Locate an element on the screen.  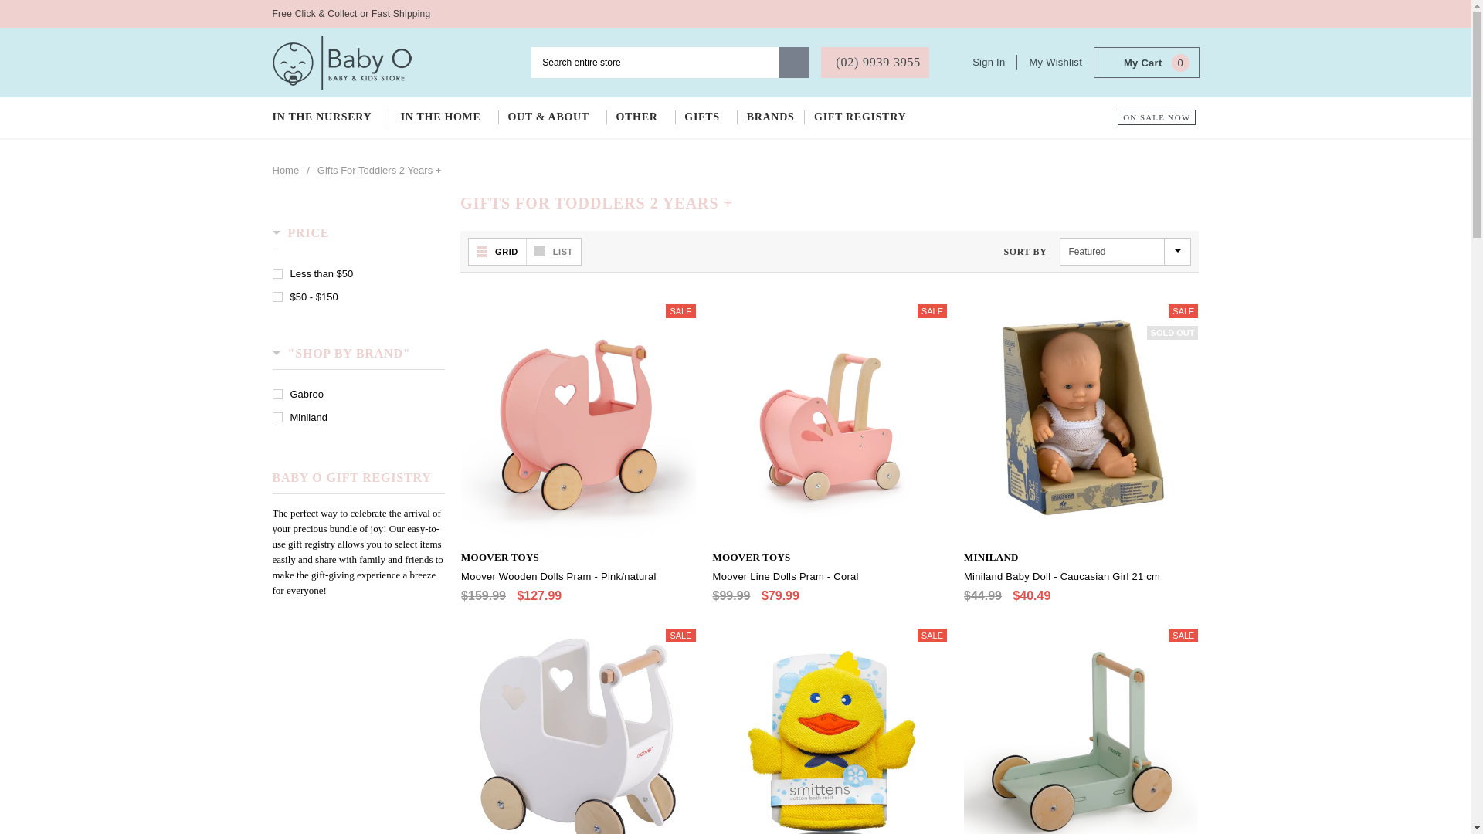
'BRANDS' is located at coordinates (771, 117).